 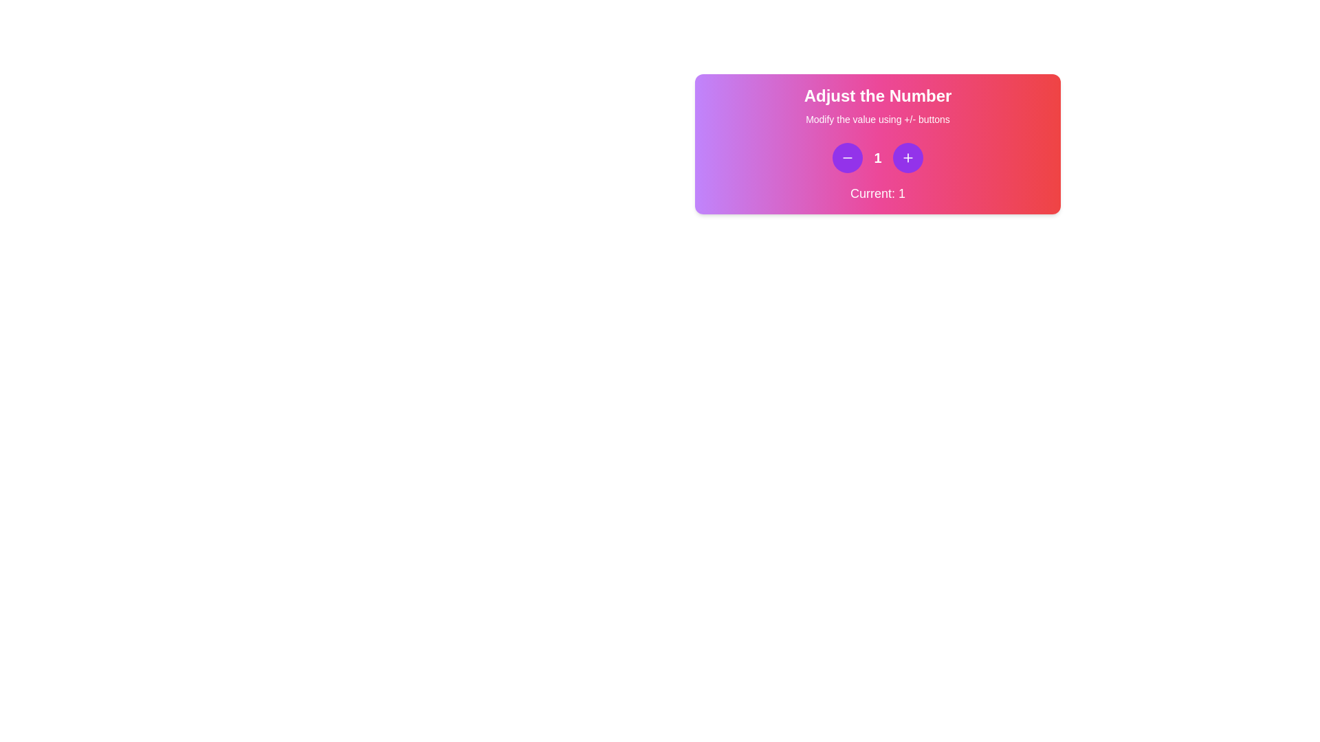 I want to click on the Text label that provides instructions for adjusting the numerical value, located below the heading 'Adjust the Number' and above the number adjustment controls, so click(x=877, y=118).